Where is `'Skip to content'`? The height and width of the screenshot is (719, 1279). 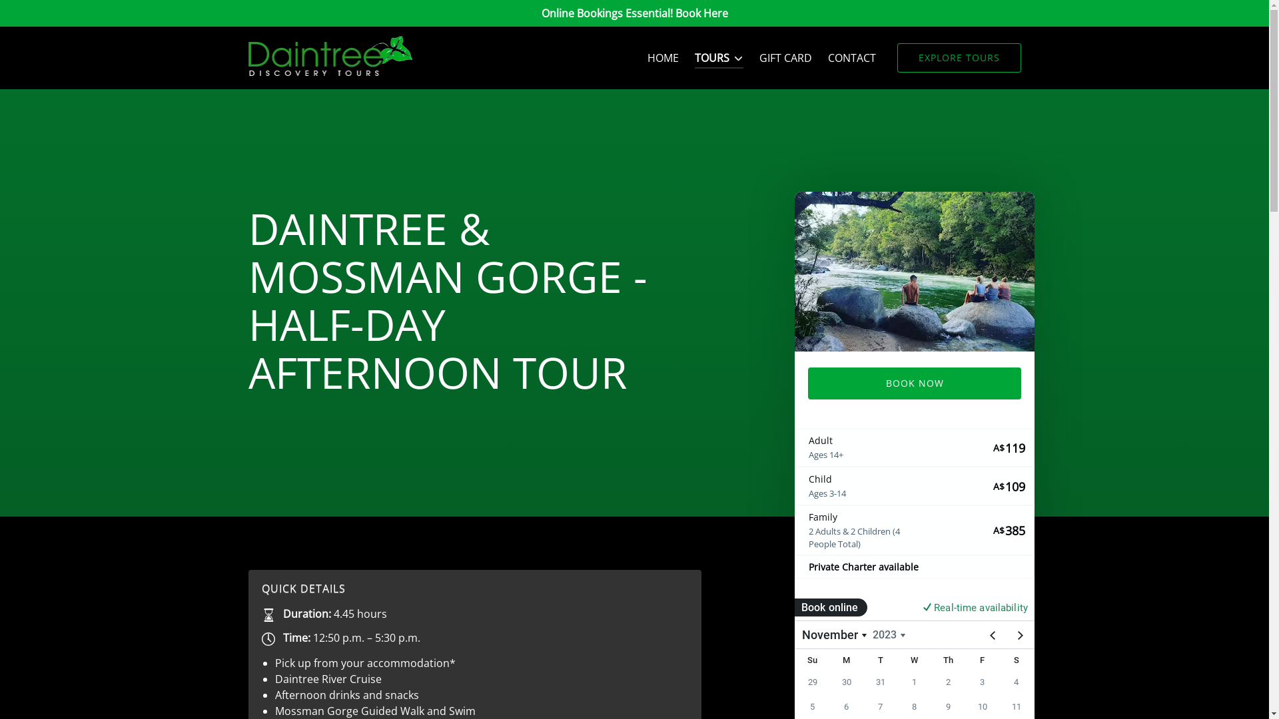 'Skip to content' is located at coordinates (45, 15).